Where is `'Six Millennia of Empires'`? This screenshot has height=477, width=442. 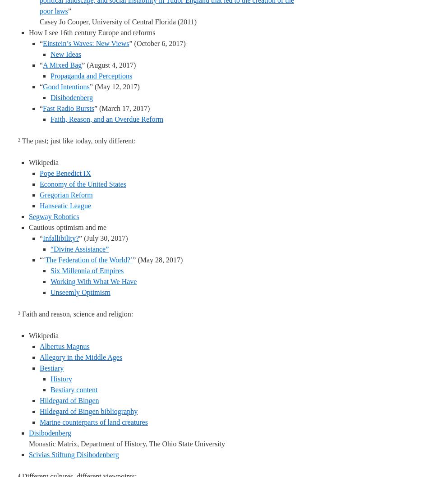 'Six Millennia of Empires' is located at coordinates (87, 271).